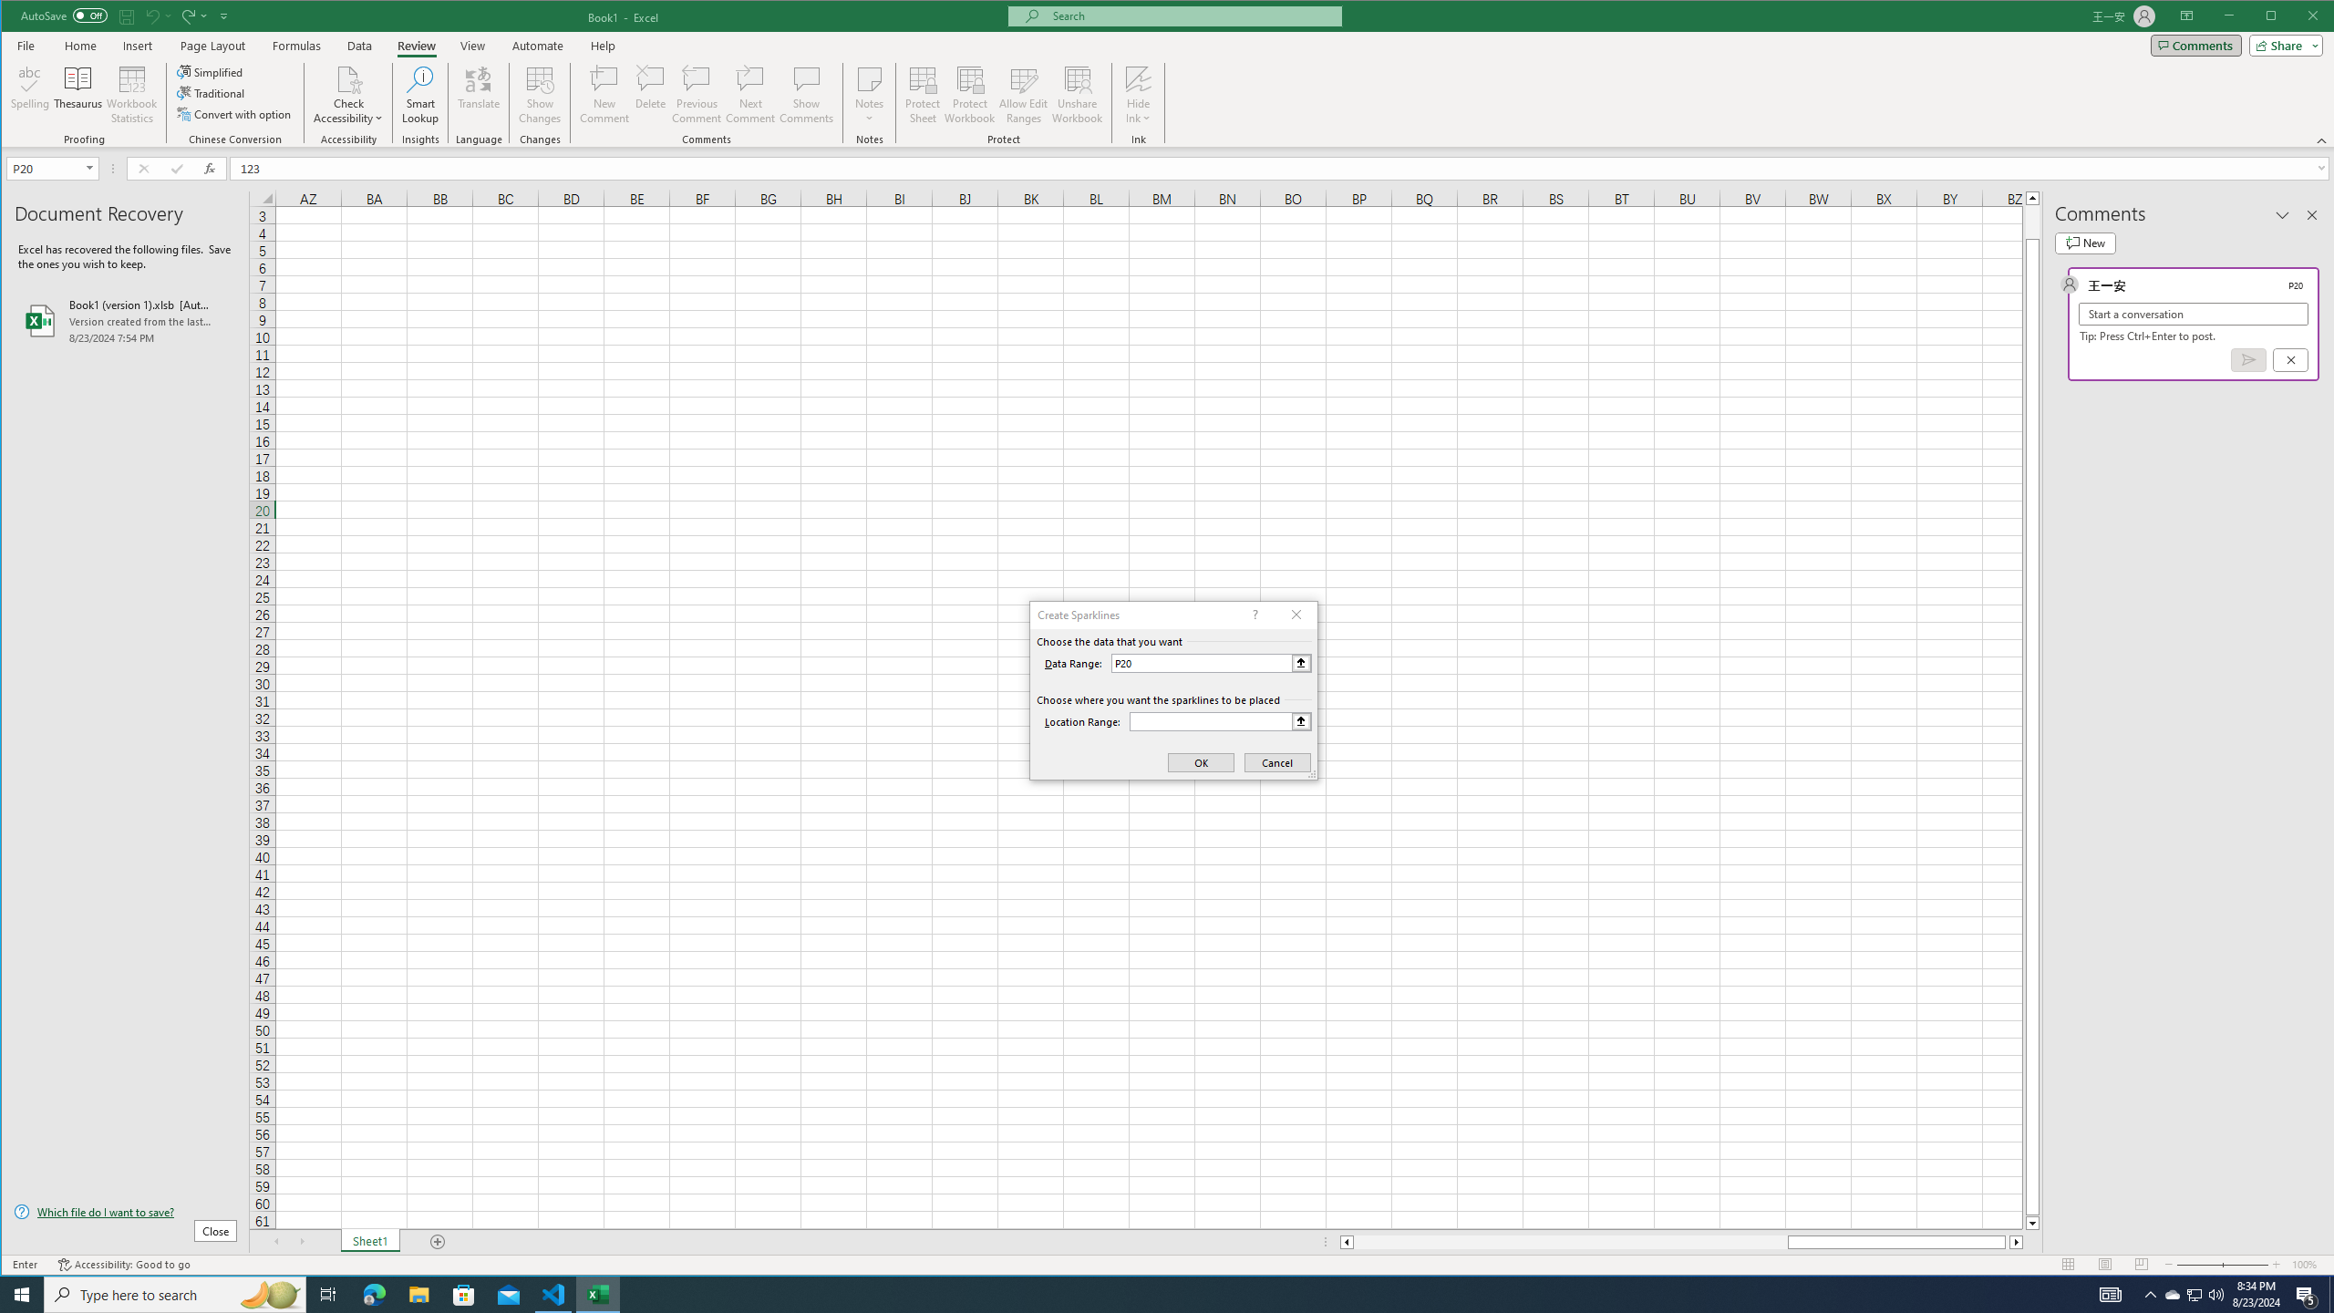 Image resolution: width=2334 pixels, height=1313 pixels. Describe the element at coordinates (696, 94) in the screenshot. I see `'Previous Comment'` at that location.